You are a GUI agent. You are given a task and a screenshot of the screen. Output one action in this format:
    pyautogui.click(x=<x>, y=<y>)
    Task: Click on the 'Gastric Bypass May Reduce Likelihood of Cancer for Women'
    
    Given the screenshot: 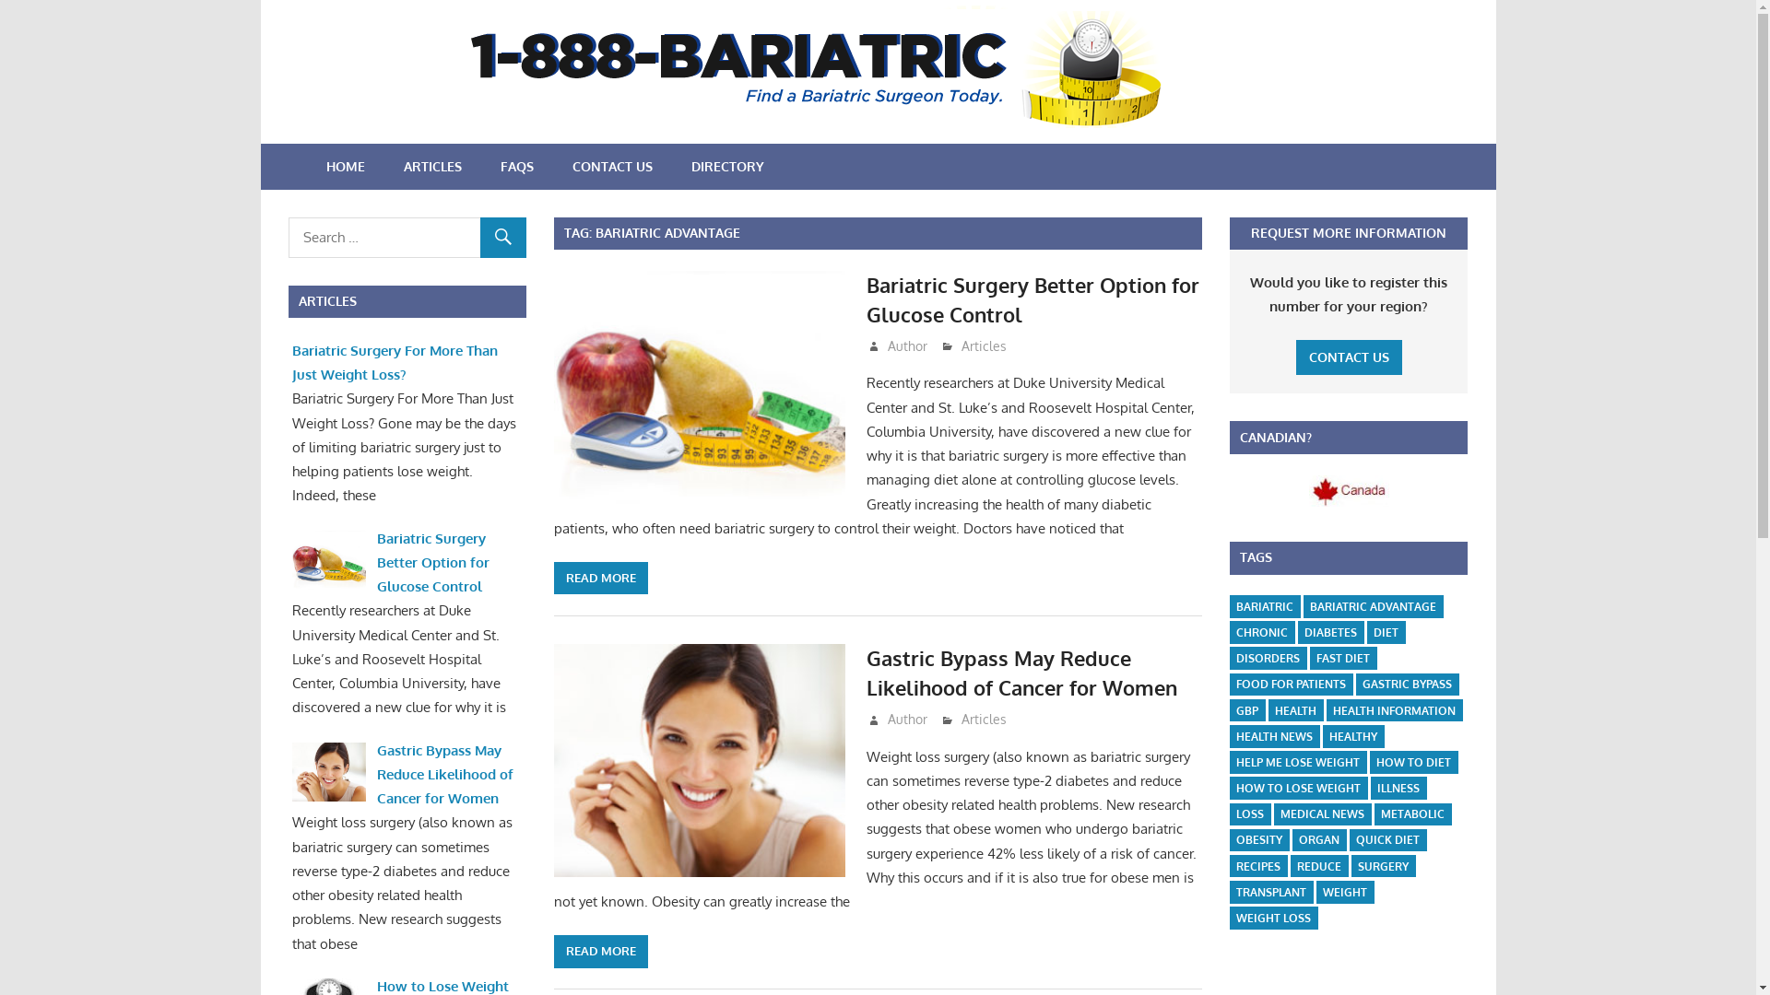 What is the action you would take?
    pyautogui.click(x=445, y=774)
    